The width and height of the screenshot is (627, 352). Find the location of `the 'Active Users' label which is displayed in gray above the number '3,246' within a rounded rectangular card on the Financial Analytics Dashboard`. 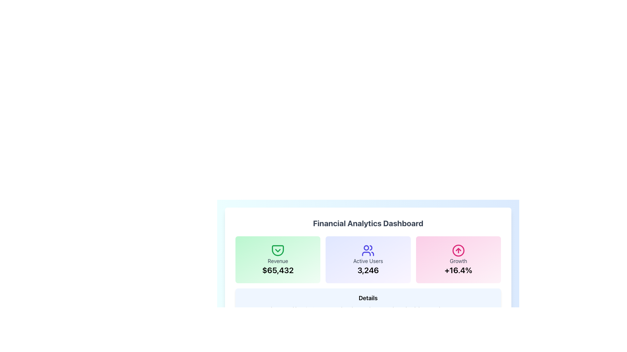

the 'Active Users' label which is displayed in gray above the number '3,246' within a rounded rectangular card on the Financial Analytics Dashboard is located at coordinates (368, 261).